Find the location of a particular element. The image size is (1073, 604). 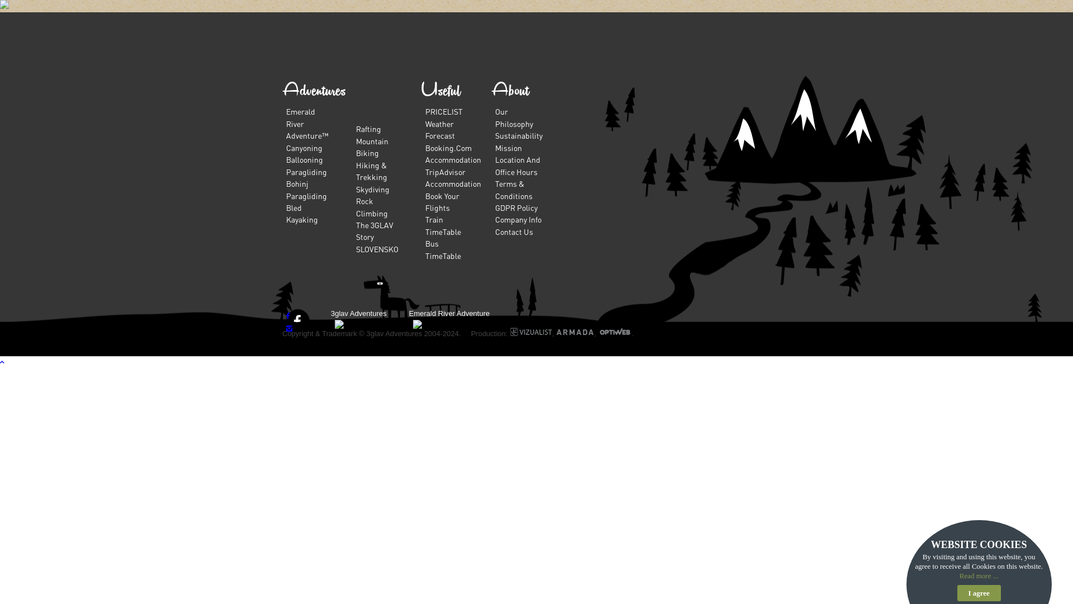

'Facebook' is located at coordinates (286, 315).